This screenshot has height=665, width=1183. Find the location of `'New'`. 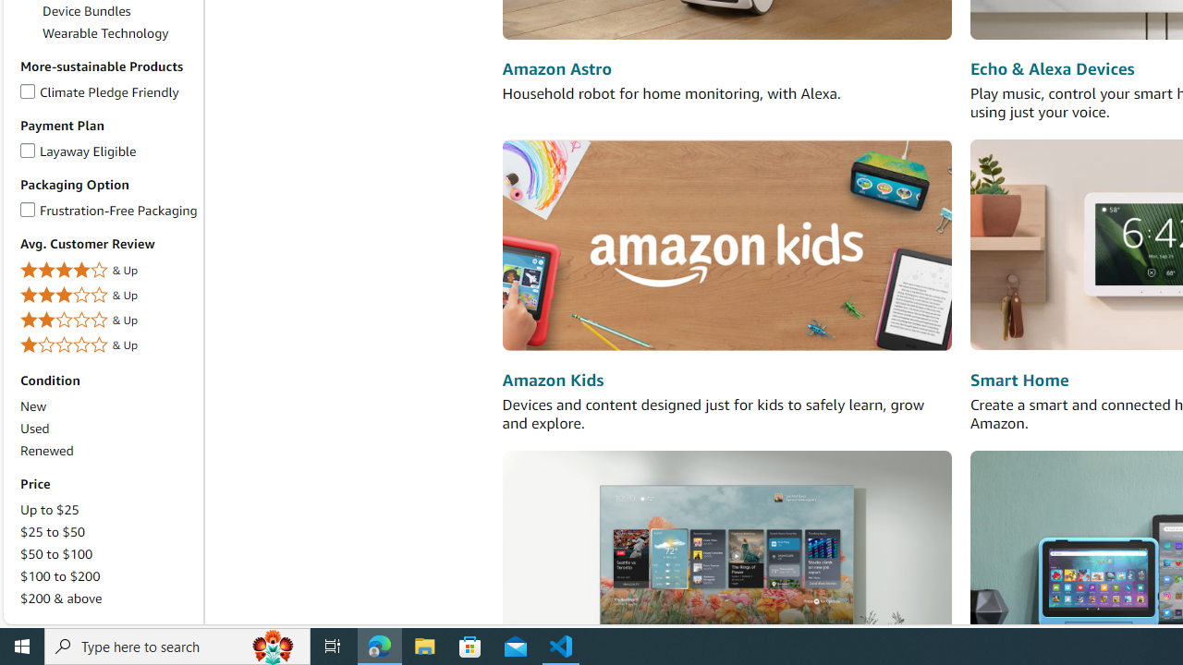

'New' is located at coordinates (33, 405).